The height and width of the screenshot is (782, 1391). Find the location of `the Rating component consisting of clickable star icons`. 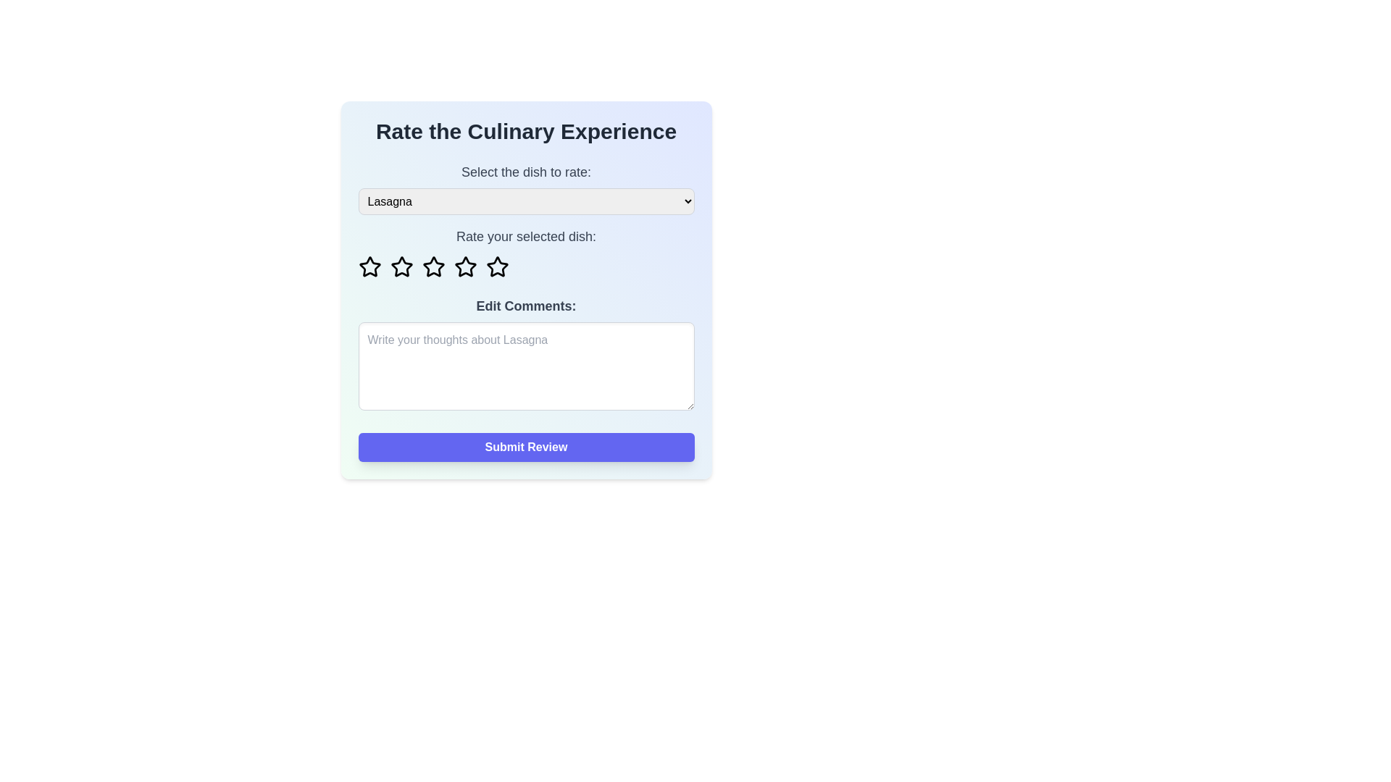

the Rating component consisting of clickable star icons is located at coordinates (525, 267).